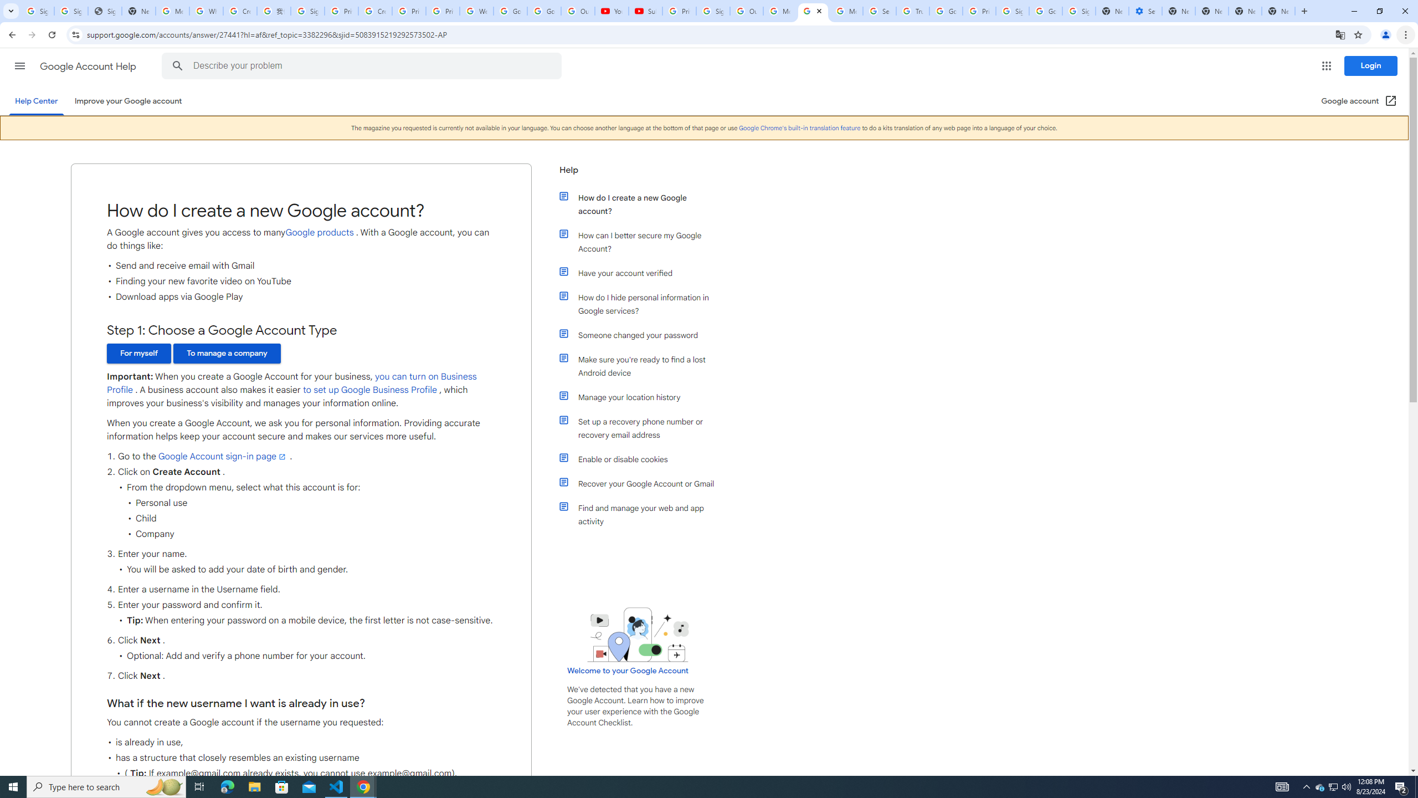 The height and width of the screenshot is (798, 1418). What do you see at coordinates (644, 458) in the screenshot?
I see `'Enable or disable cookies'` at bounding box center [644, 458].